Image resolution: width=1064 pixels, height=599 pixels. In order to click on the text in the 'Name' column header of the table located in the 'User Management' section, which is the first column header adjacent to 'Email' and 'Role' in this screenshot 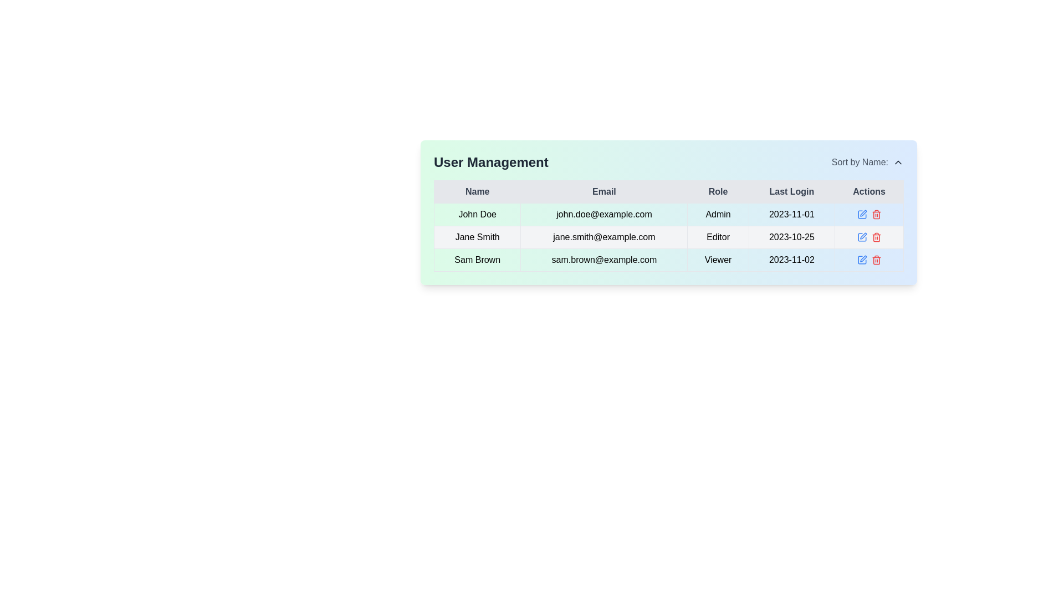, I will do `click(477, 191)`.